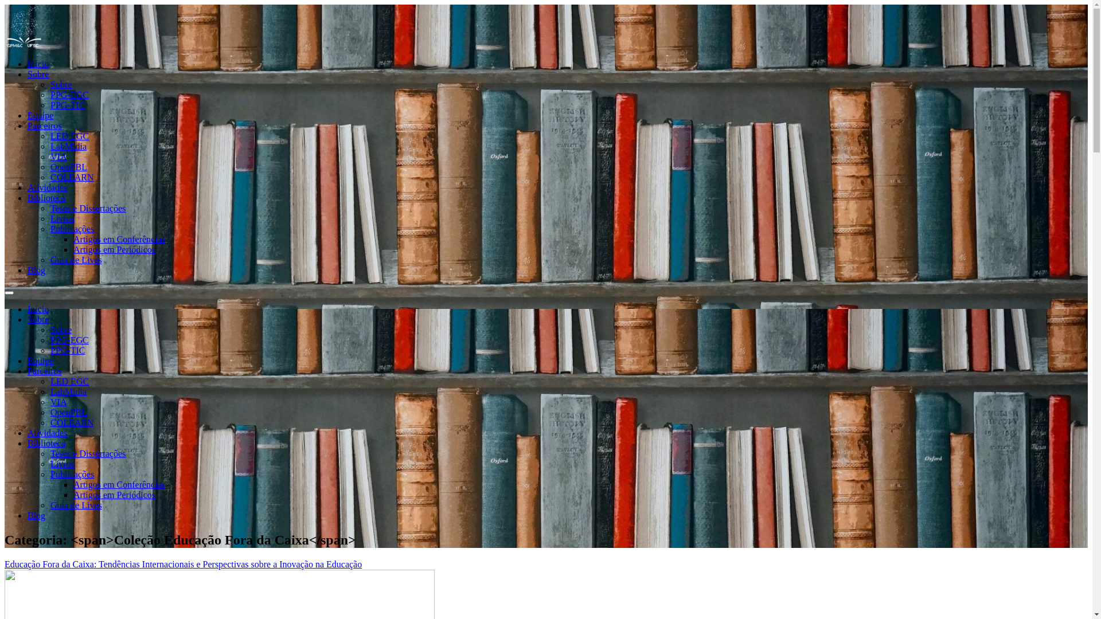 The width and height of the screenshot is (1101, 619). What do you see at coordinates (49, 105) in the screenshot?
I see `'PPG-TIC'` at bounding box center [49, 105].